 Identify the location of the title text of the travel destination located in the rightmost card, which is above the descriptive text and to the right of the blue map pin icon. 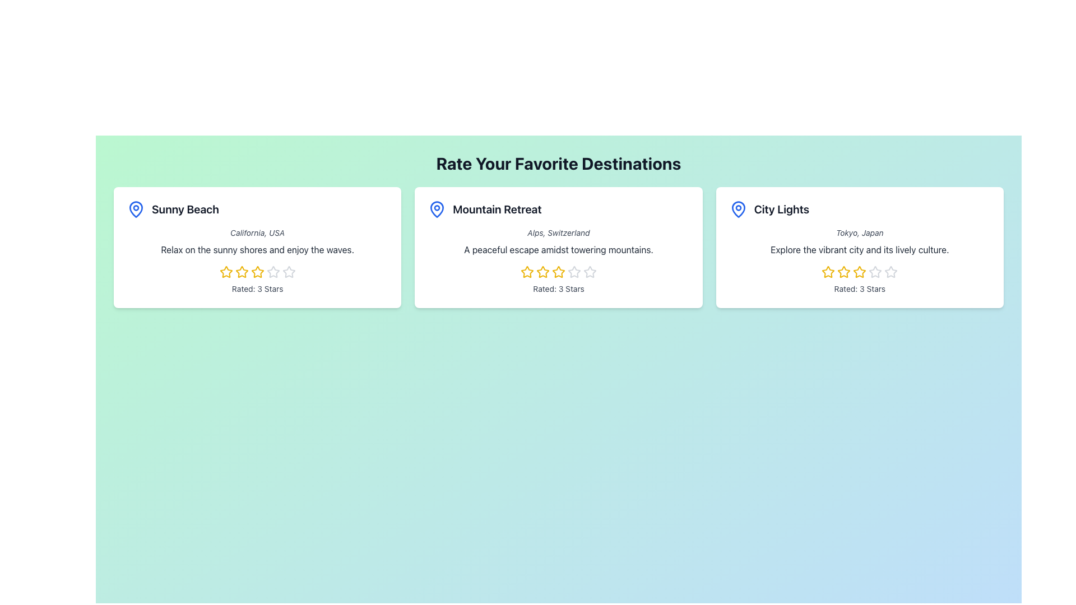
(781, 210).